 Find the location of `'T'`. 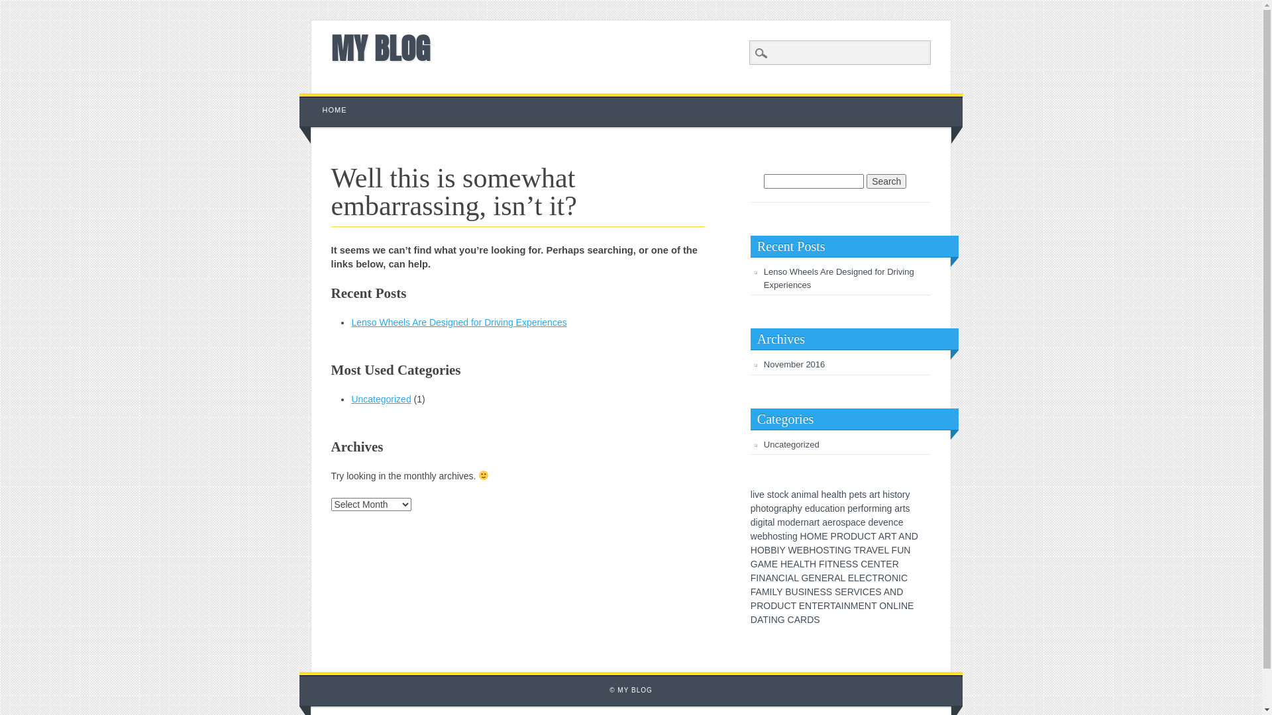

'T' is located at coordinates (806, 564).